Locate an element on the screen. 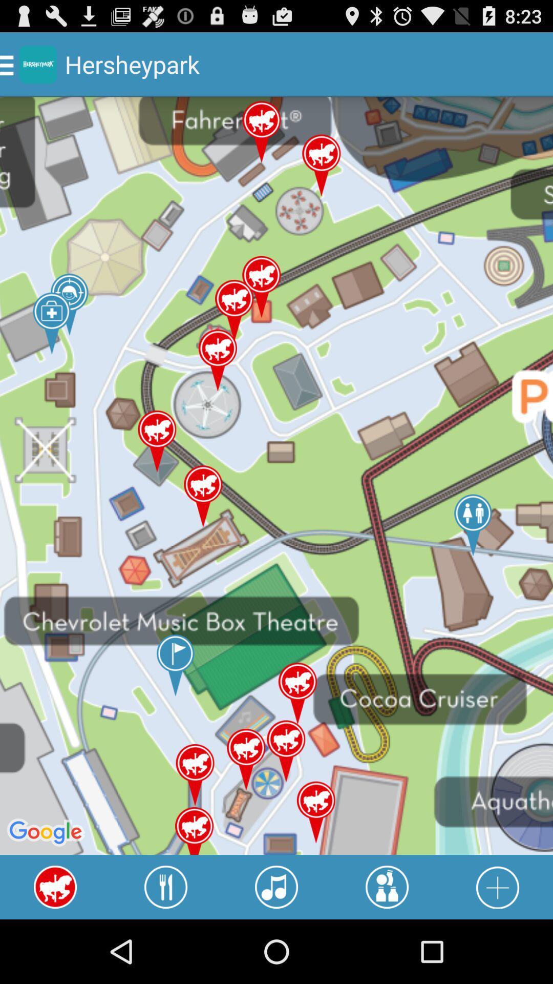 This screenshot has height=984, width=553. food locations is located at coordinates (165, 887).